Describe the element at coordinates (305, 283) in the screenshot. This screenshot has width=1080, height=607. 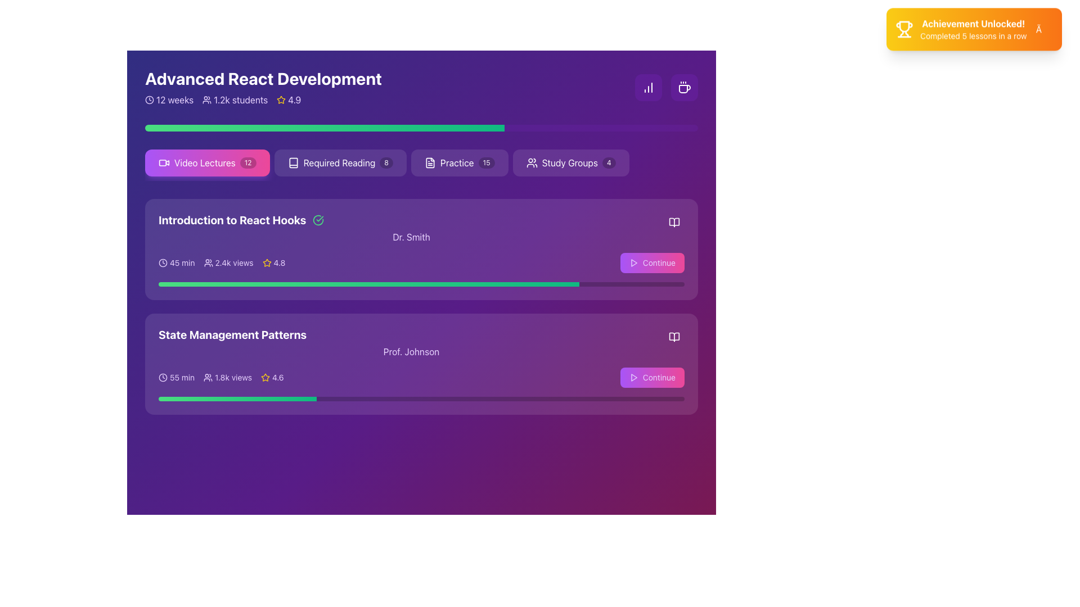
I see `slider value` at that location.